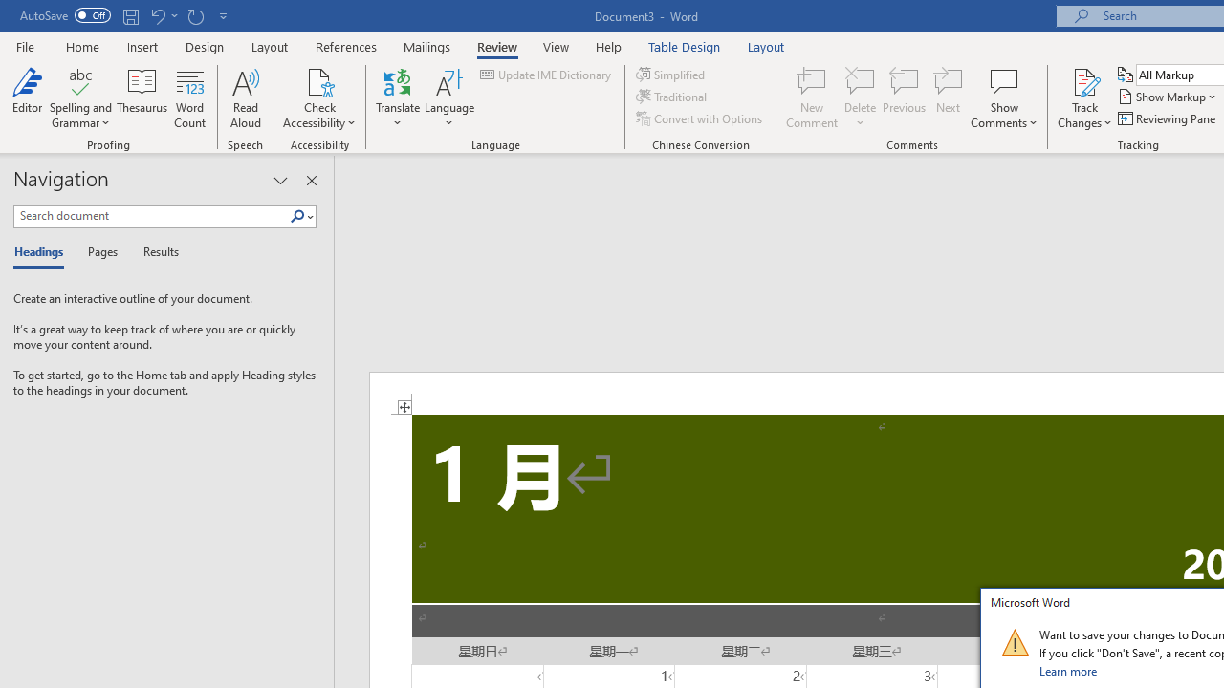  What do you see at coordinates (279, 181) in the screenshot?
I see `'Task Pane Options'` at bounding box center [279, 181].